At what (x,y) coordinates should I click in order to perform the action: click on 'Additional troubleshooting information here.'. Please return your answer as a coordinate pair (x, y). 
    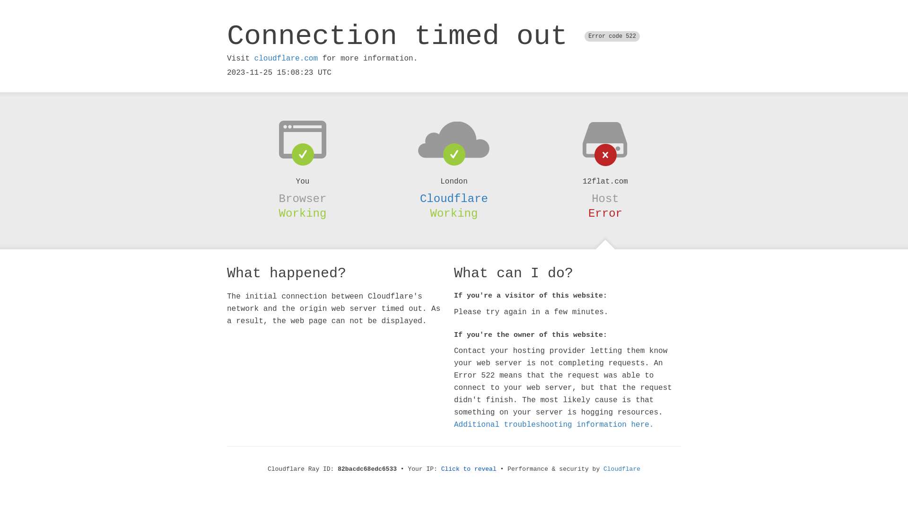
    Looking at the image, I should click on (554, 424).